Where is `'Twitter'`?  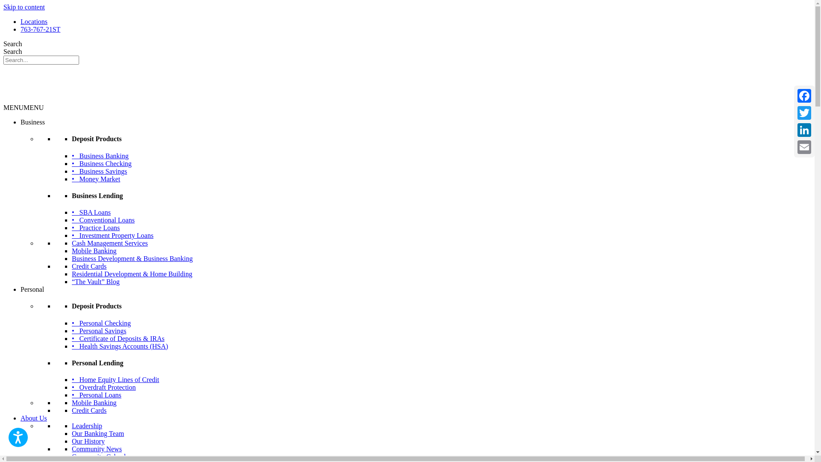 'Twitter' is located at coordinates (804, 112).